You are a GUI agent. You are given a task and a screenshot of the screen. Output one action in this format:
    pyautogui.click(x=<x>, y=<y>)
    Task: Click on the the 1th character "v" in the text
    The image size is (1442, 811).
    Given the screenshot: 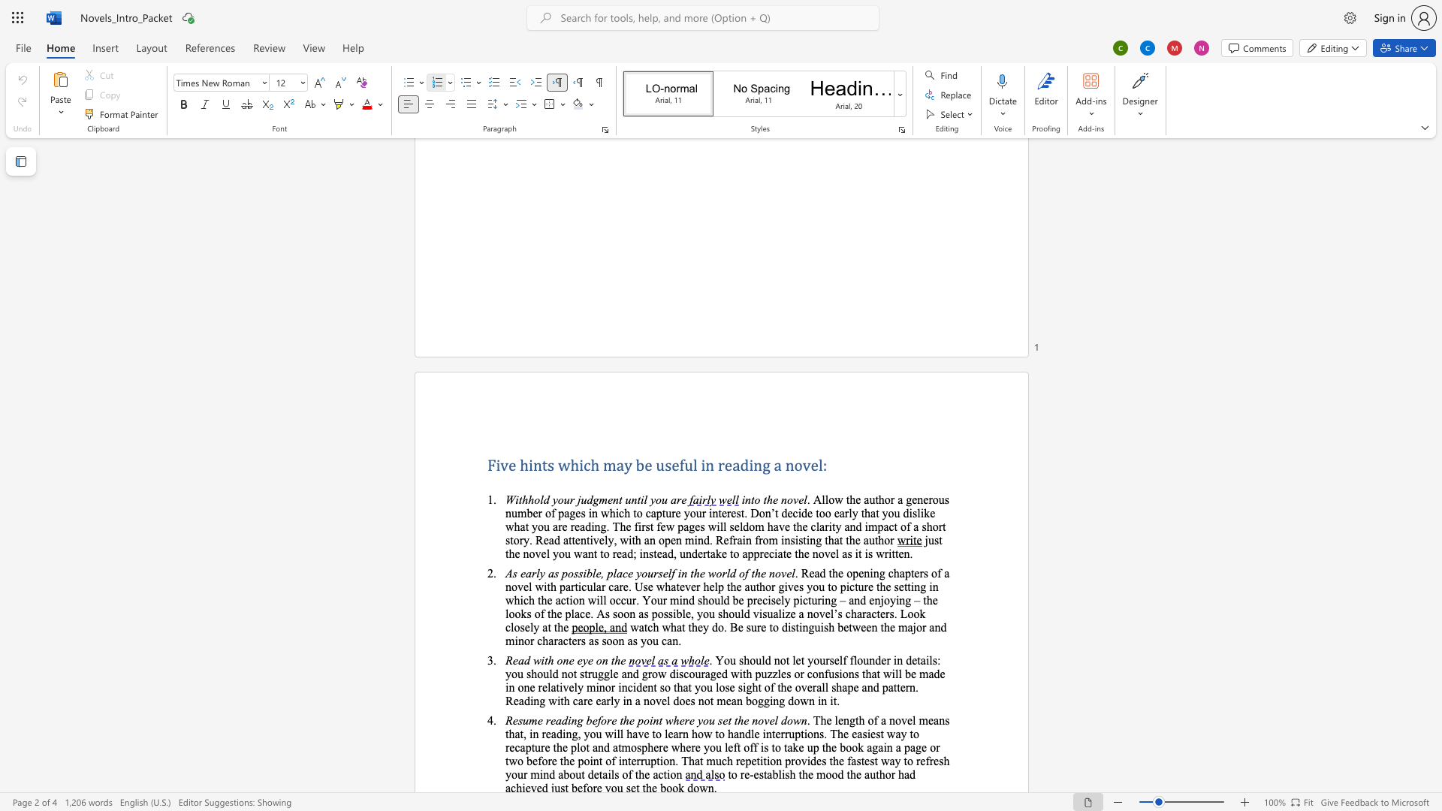 What is the action you would take?
    pyautogui.click(x=766, y=719)
    